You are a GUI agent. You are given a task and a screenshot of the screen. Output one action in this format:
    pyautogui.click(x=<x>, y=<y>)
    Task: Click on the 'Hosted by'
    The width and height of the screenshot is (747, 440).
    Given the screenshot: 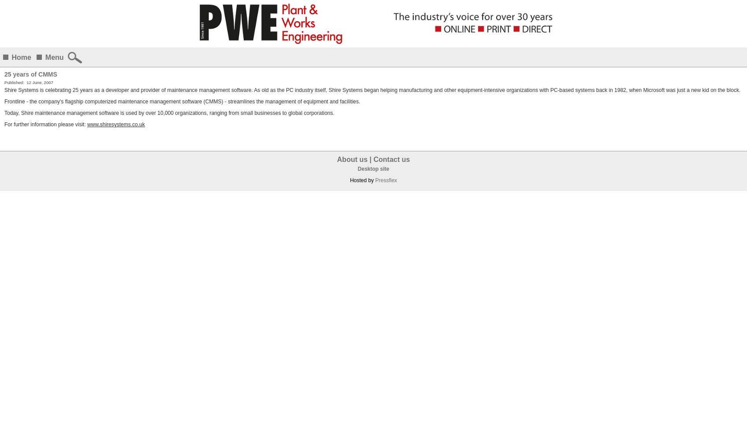 What is the action you would take?
    pyautogui.click(x=362, y=180)
    